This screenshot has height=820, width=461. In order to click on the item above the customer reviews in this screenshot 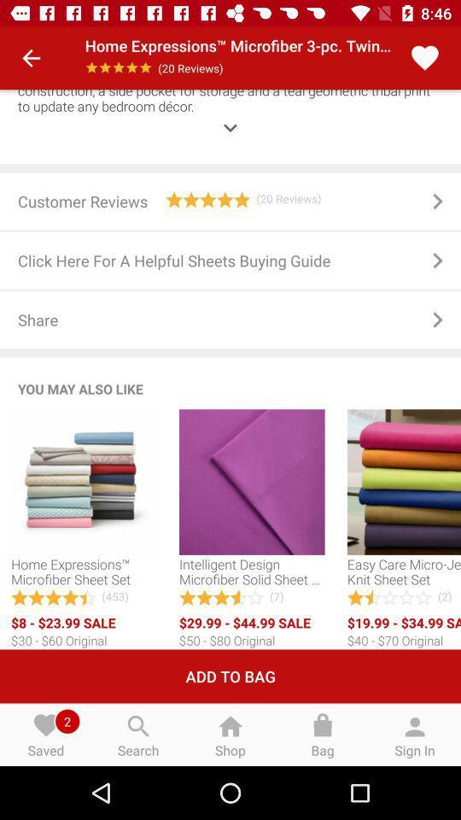, I will do `click(230, 114)`.